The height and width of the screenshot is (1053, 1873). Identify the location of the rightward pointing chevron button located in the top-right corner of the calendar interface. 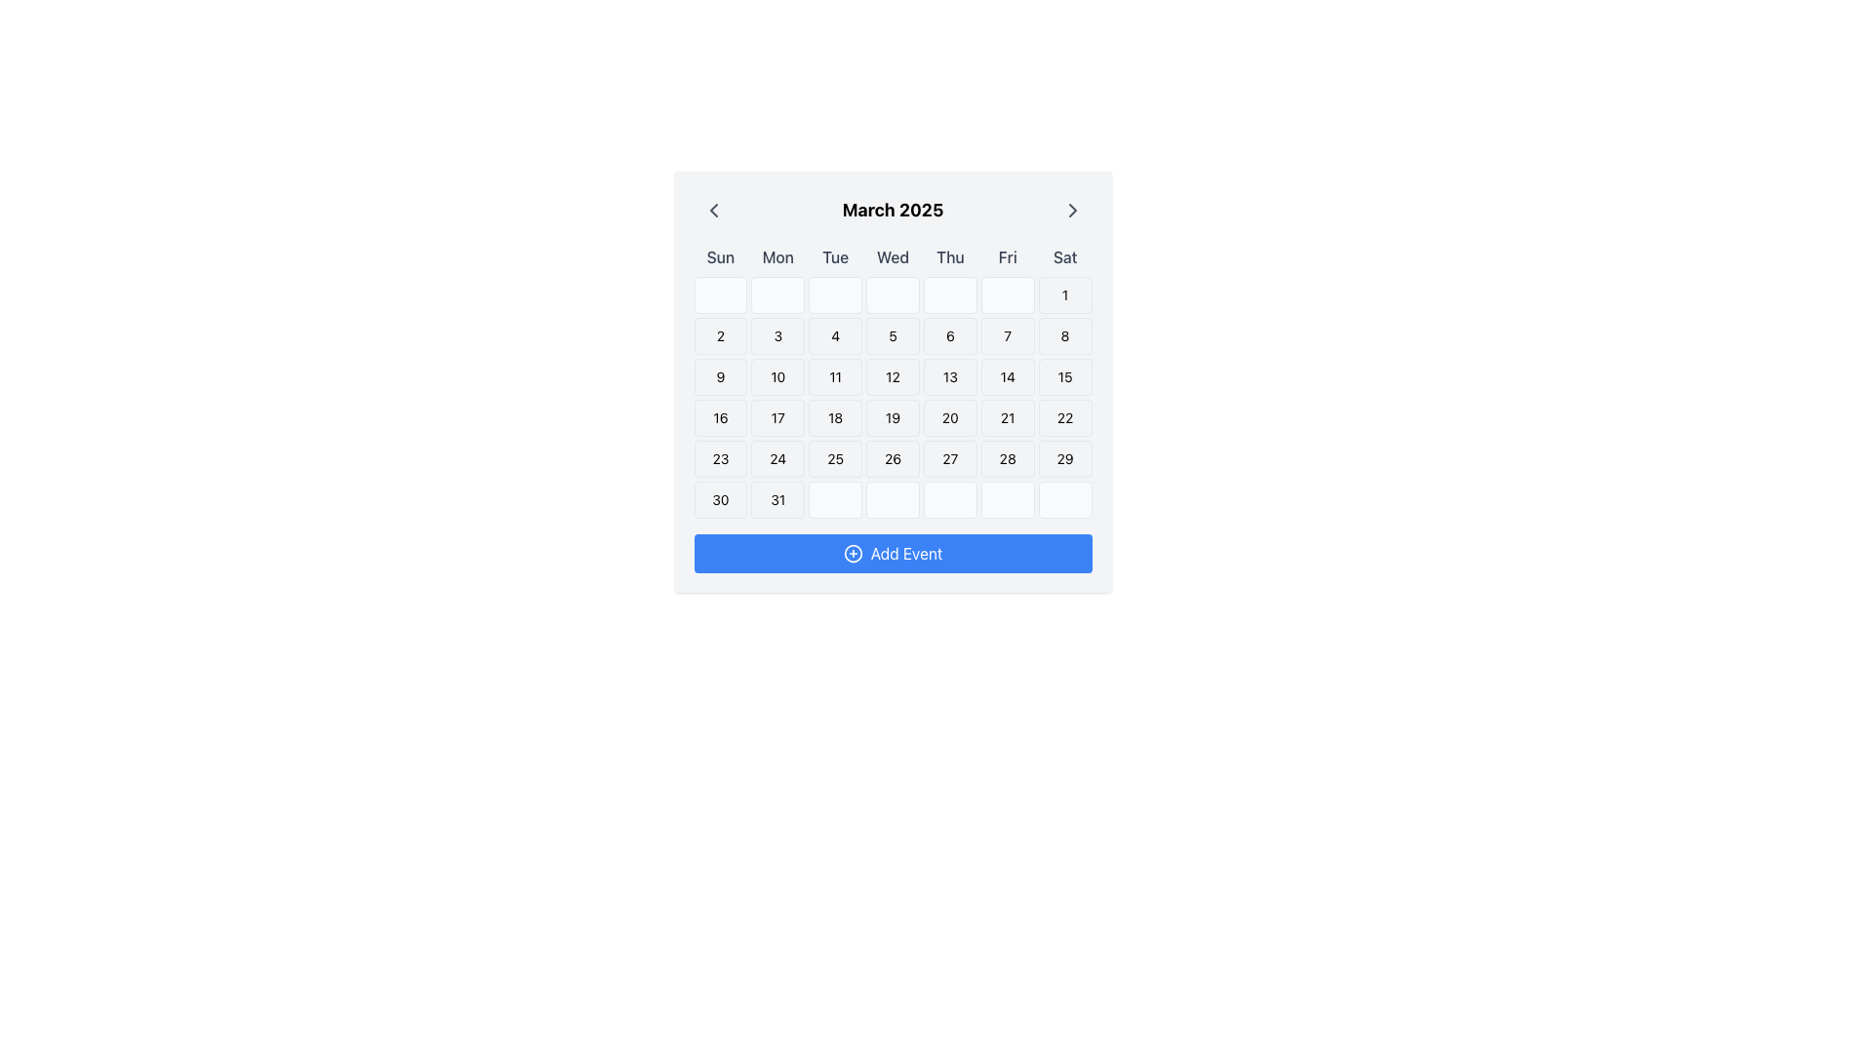
(1071, 211).